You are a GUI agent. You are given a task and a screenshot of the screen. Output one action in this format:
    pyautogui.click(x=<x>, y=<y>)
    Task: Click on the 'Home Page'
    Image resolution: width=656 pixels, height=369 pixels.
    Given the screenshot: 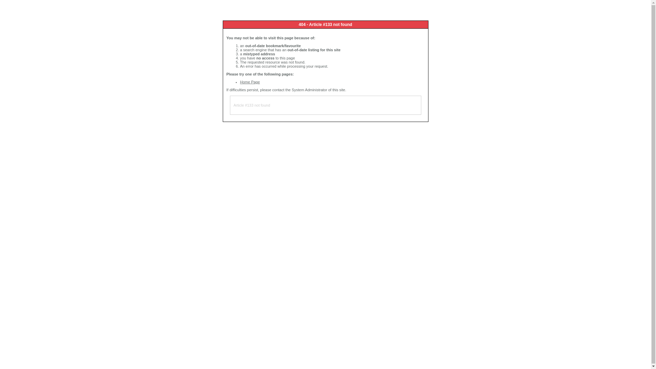 What is the action you would take?
    pyautogui.click(x=249, y=81)
    